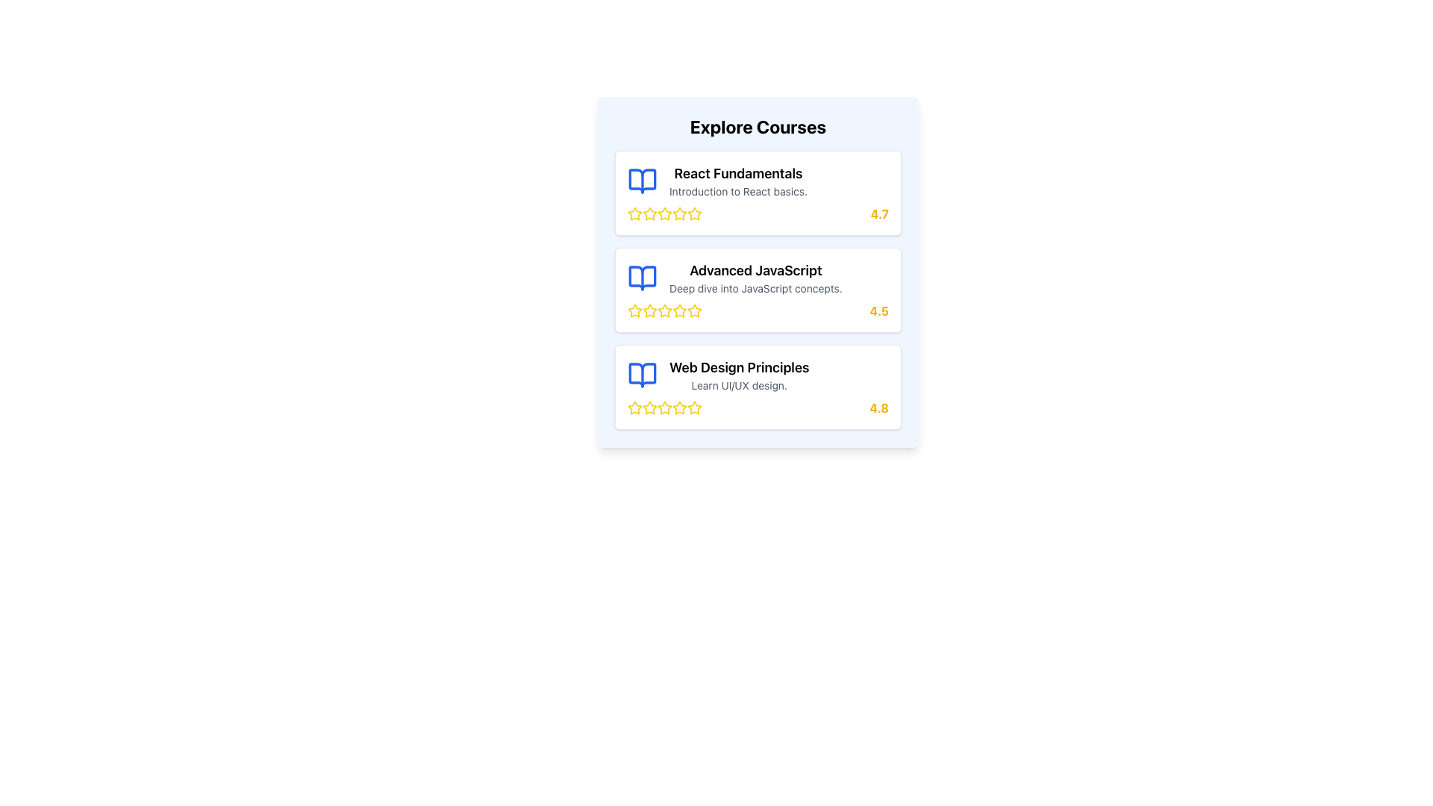 This screenshot has width=1433, height=806. What do you see at coordinates (642, 374) in the screenshot?
I see `the graphical icon of an open book with a blue outline, located to the left of the 'Web Design Principles' course title in the third row of the 'Explore Courses' section` at bounding box center [642, 374].